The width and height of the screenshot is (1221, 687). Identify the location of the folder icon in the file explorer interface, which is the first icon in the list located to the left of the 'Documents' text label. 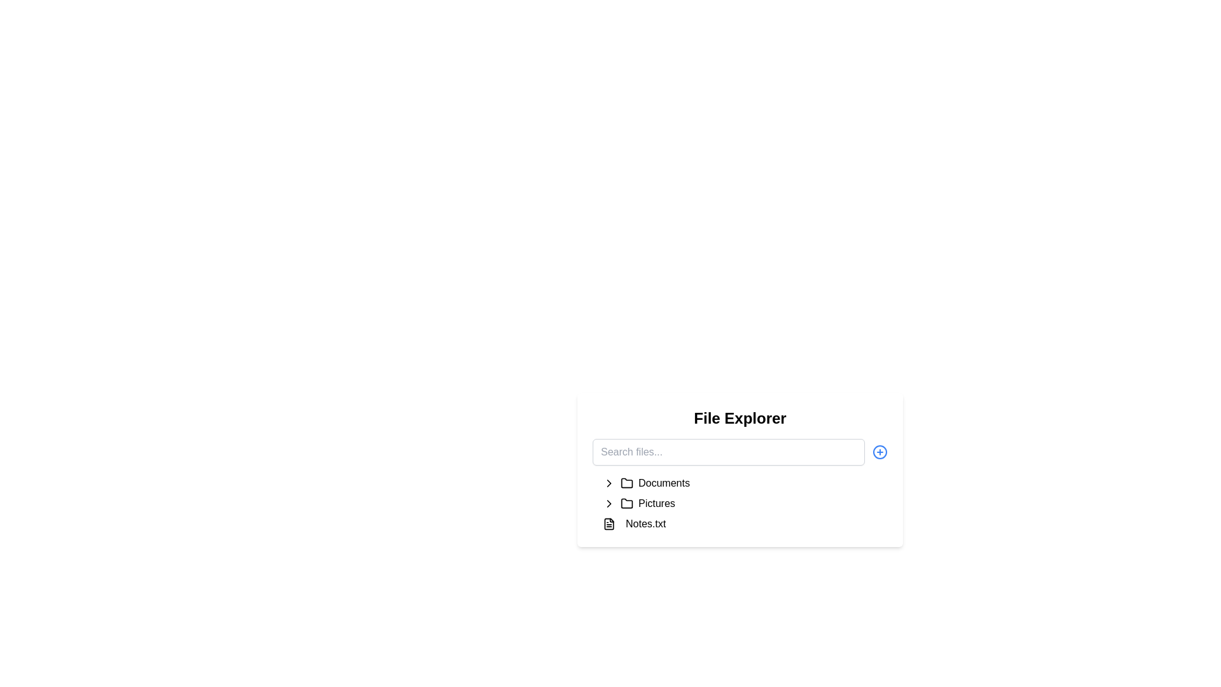
(626, 483).